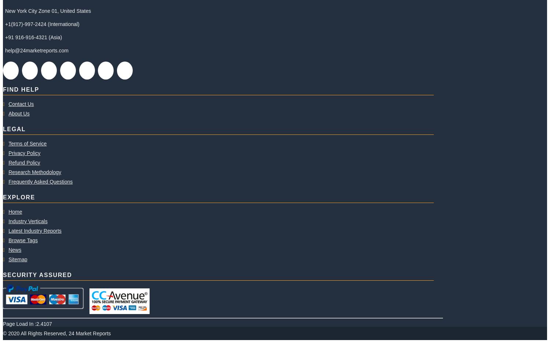  Describe the element at coordinates (23, 240) in the screenshot. I see `'Browse Tags'` at that location.